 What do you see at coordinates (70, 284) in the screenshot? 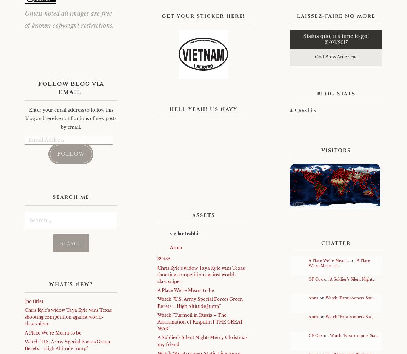
I see `'What’s New?'` at bounding box center [70, 284].